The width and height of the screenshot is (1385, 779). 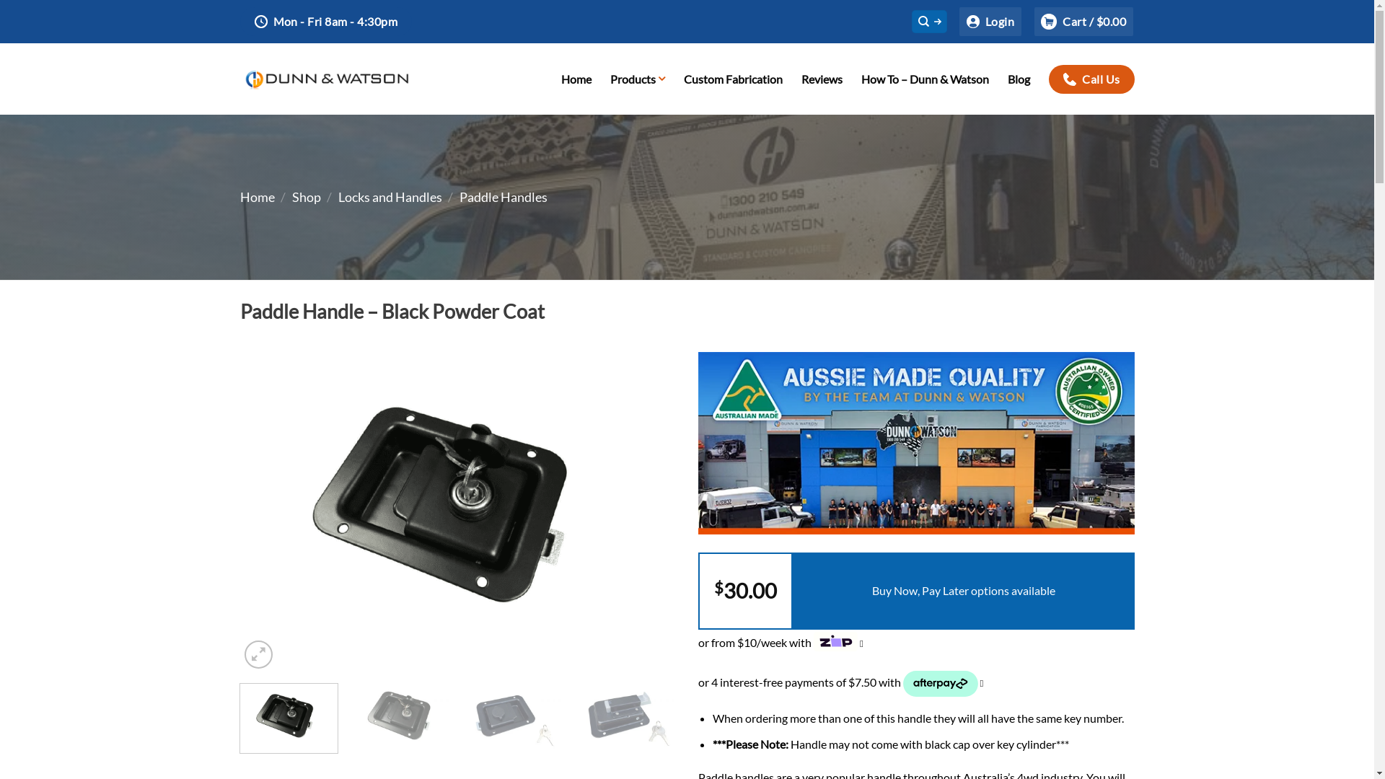 I want to click on 'Products', so click(x=636, y=79).